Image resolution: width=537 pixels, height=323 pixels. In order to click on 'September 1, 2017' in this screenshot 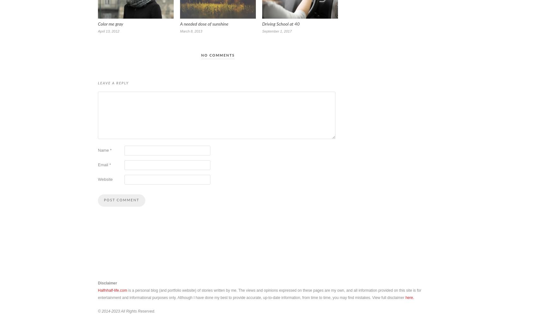, I will do `click(277, 31)`.